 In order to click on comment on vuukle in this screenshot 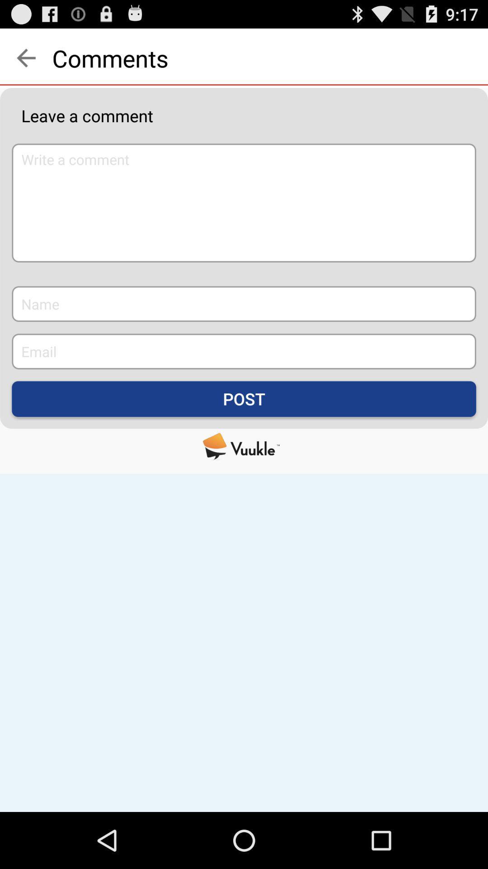, I will do `click(244, 446)`.